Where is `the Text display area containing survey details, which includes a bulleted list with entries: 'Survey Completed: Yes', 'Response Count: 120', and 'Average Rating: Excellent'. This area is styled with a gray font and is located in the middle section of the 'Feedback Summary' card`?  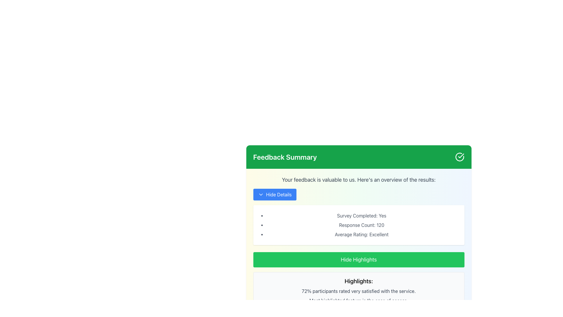 the Text display area containing survey details, which includes a bulleted list with entries: 'Survey Completed: Yes', 'Response Count: 120', and 'Average Rating: Excellent'. This area is styled with a gray font and is located in the middle section of the 'Feedback Summary' card is located at coordinates (358, 225).